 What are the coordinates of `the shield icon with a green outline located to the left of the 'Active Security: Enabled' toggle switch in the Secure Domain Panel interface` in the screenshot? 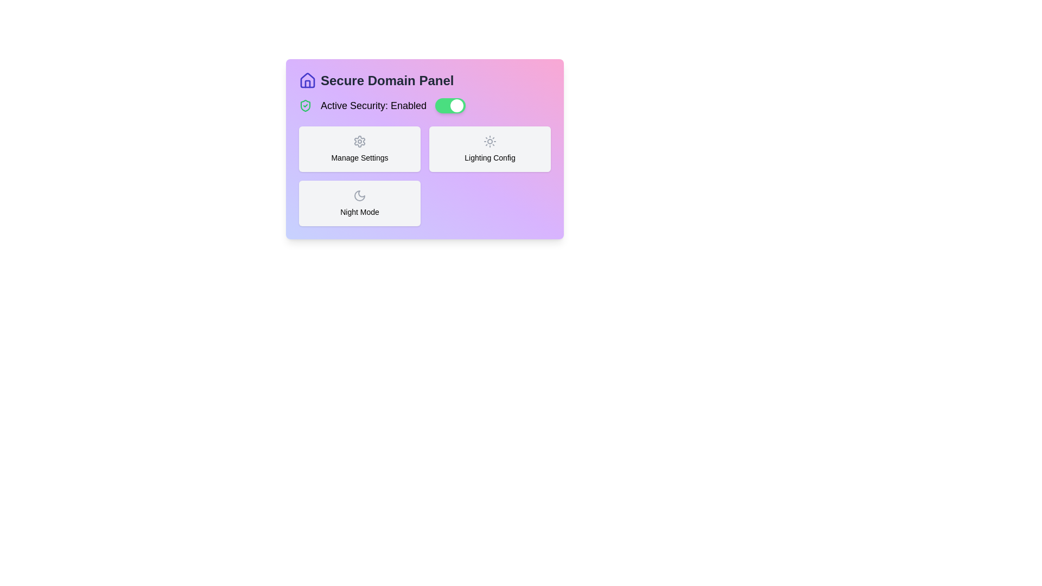 It's located at (304, 106).